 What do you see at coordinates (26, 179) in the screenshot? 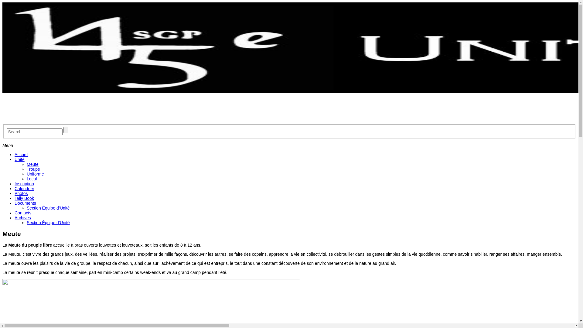
I see `'Local'` at bounding box center [26, 179].